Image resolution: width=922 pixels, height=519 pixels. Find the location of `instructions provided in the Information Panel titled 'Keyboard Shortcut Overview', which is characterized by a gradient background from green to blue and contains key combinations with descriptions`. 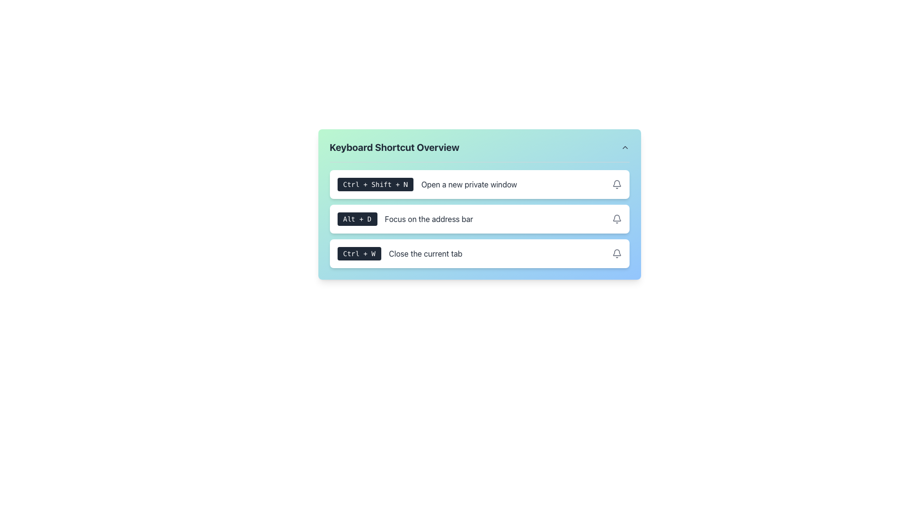

instructions provided in the Information Panel titled 'Keyboard Shortcut Overview', which is characterized by a gradient background from green to blue and contains key combinations with descriptions is located at coordinates (479, 204).